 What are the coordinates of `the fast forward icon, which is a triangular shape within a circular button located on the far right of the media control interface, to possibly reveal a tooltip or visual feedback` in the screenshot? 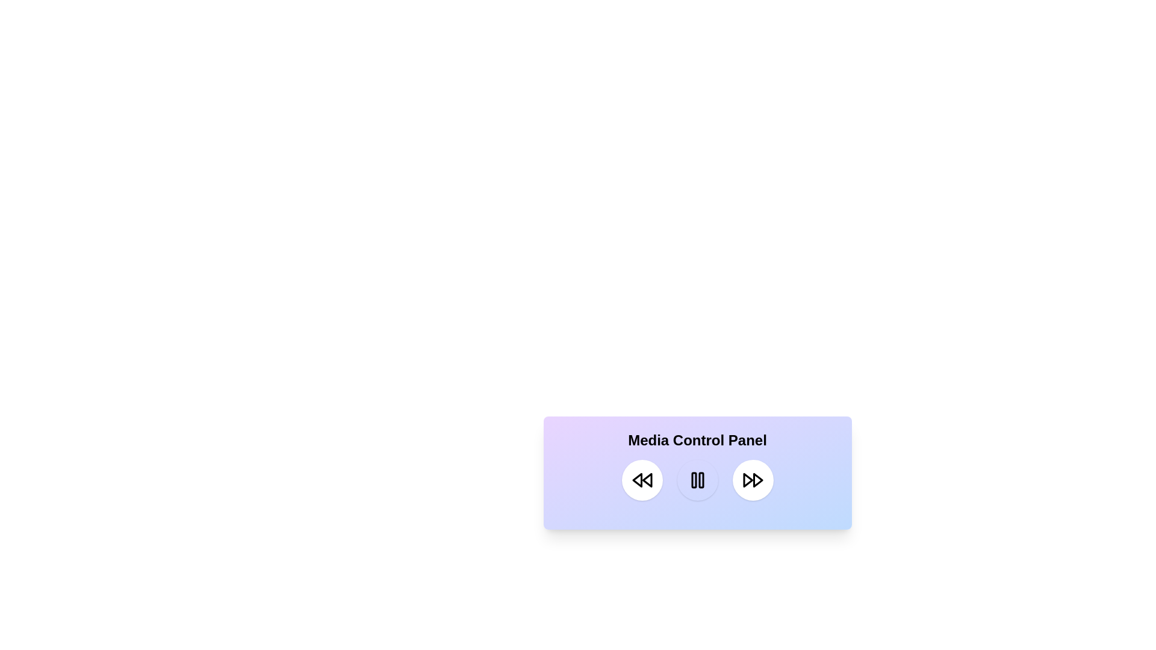 It's located at (757, 480).